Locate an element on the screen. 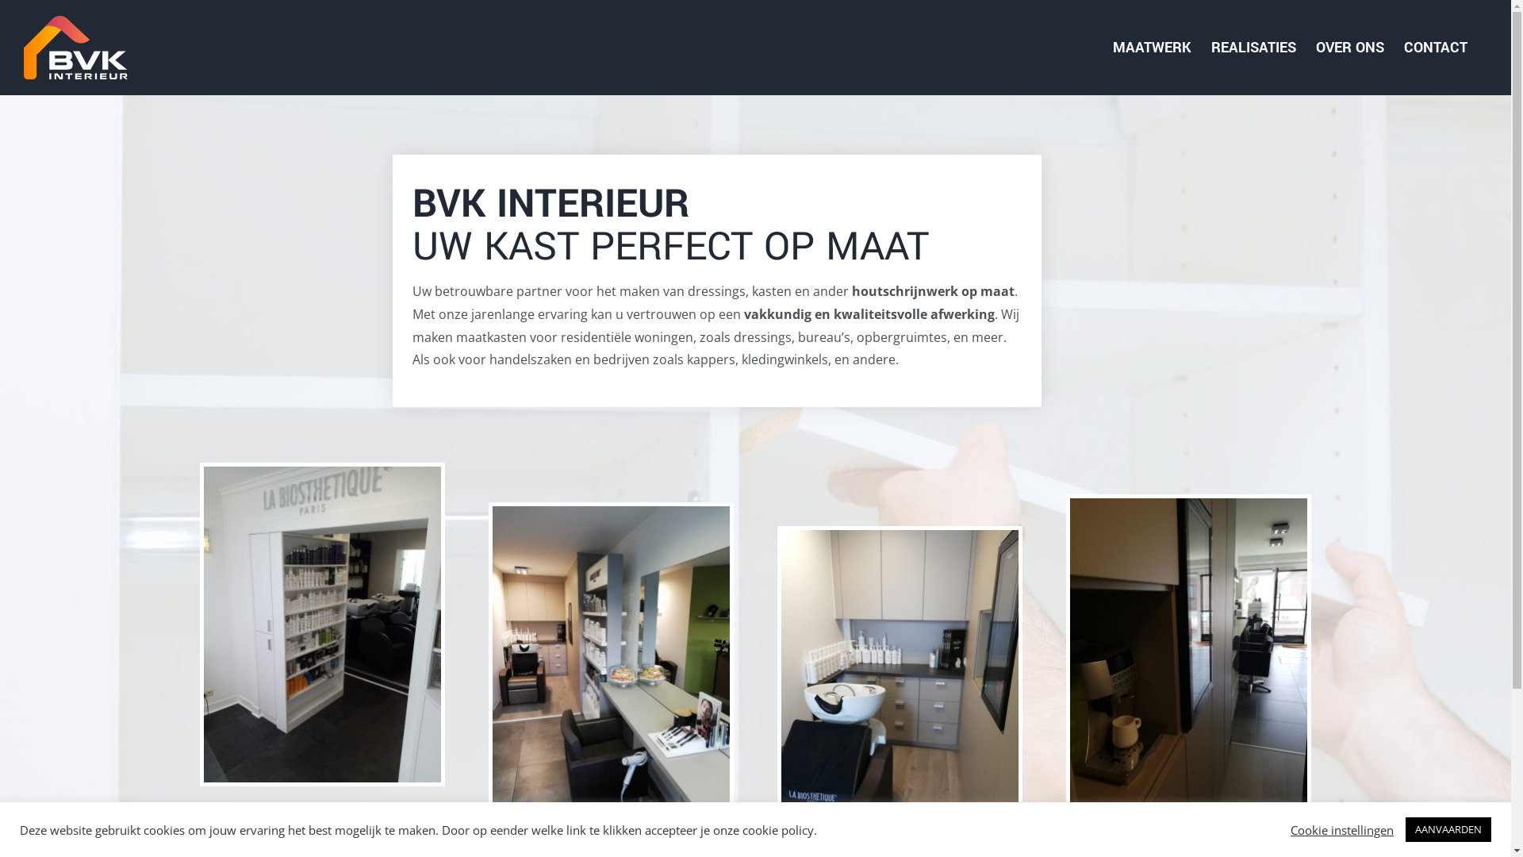  'CONTACT' is located at coordinates (1435, 47).